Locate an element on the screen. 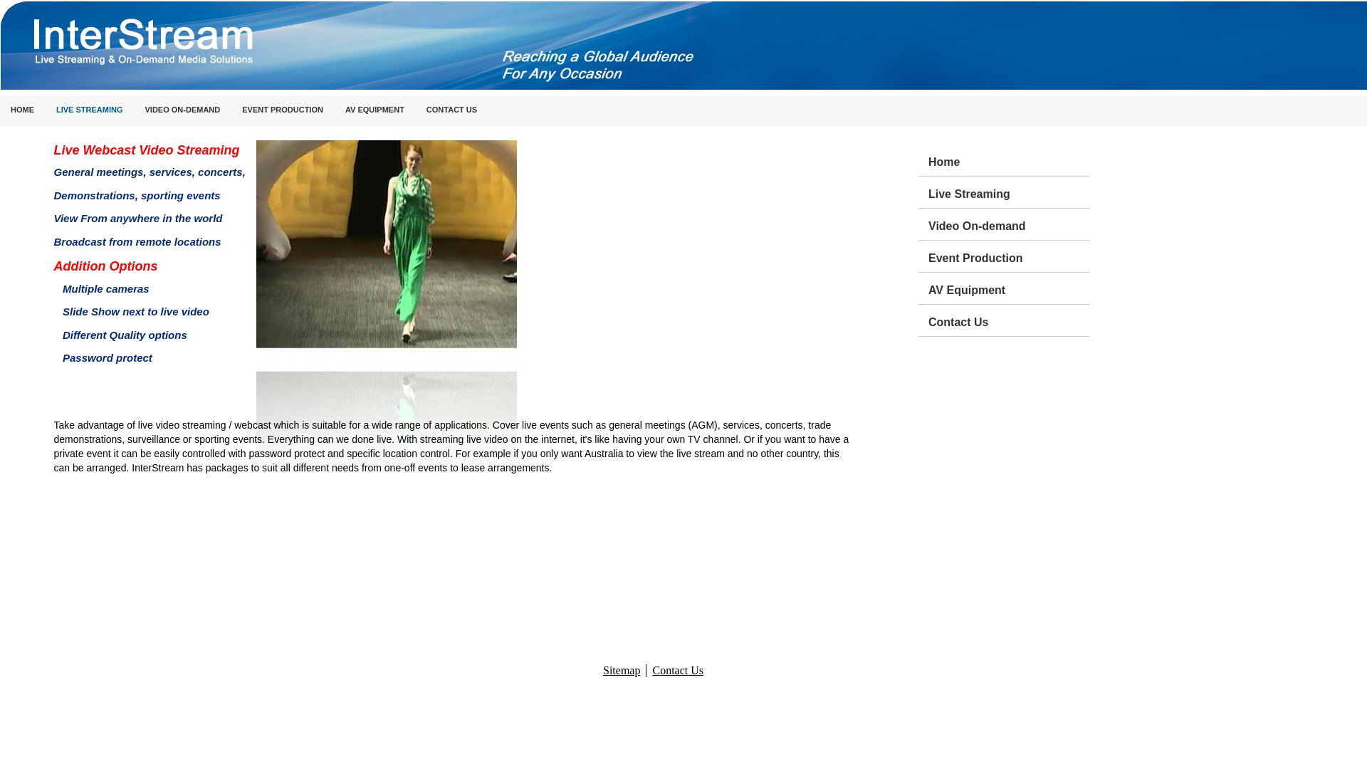 Image resolution: width=1367 pixels, height=769 pixels. 'Video On-demand' is located at coordinates (1007, 224).